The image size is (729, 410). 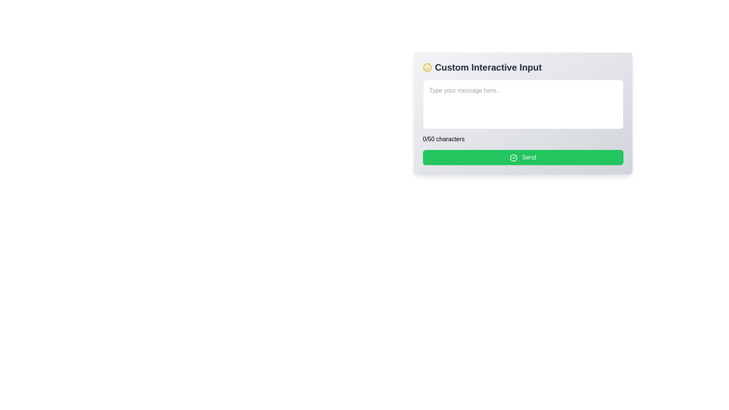 What do you see at coordinates (443, 139) in the screenshot?
I see `the text display showing '0/50 characters' which is aligned to the left beneath the input field and above the green 'Send' button` at bounding box center [443, 139].